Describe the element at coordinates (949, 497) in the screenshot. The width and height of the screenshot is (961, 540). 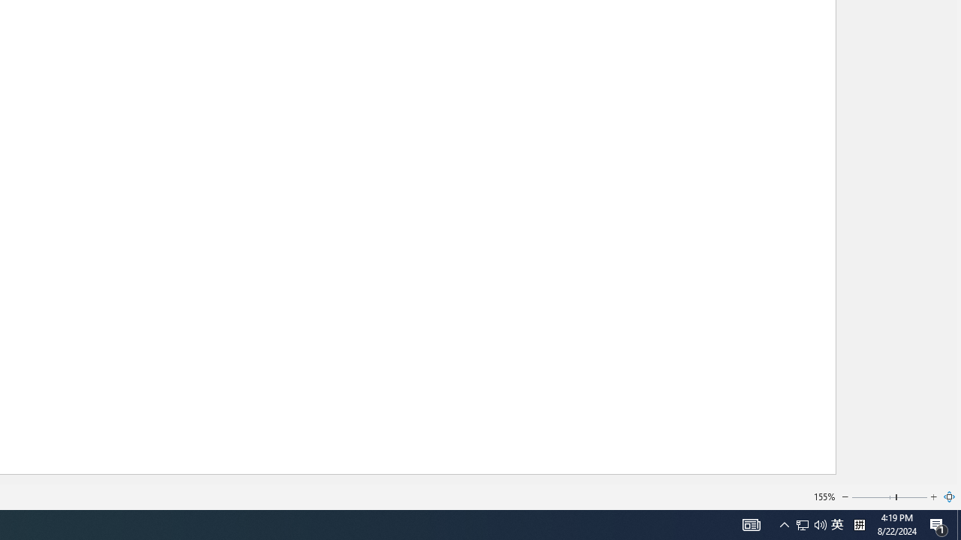
I see `'Zoom to Page'` at that location.